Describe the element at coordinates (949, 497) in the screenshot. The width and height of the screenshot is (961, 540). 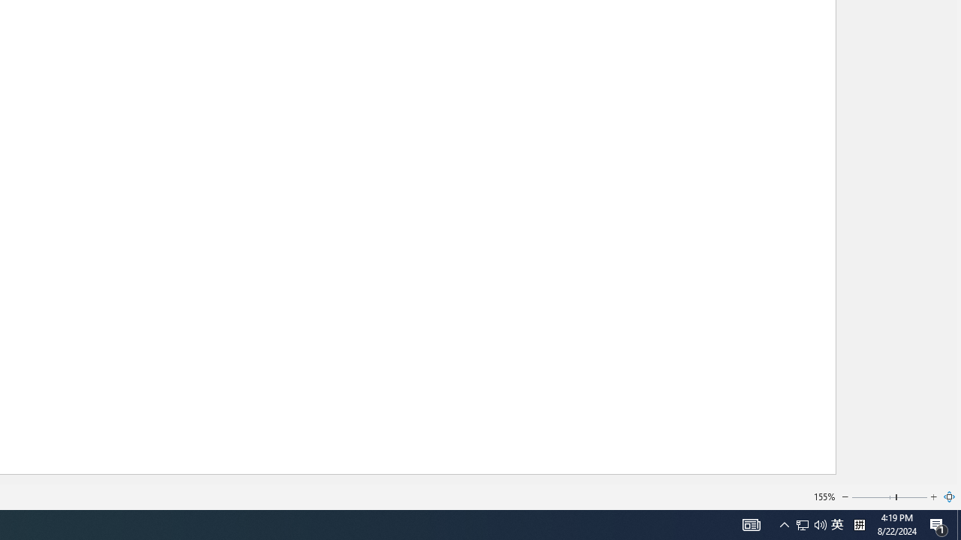
I see `'Zoom to Page'` at that location.